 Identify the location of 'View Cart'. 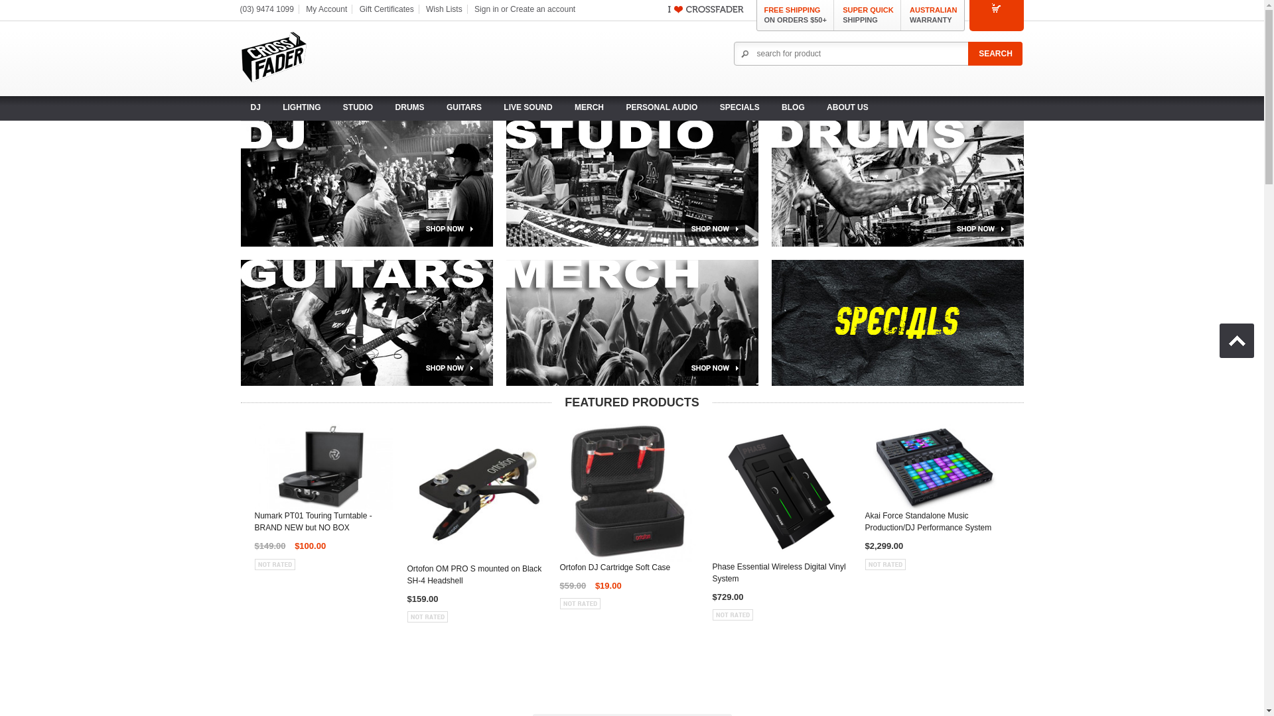
(996, 15).